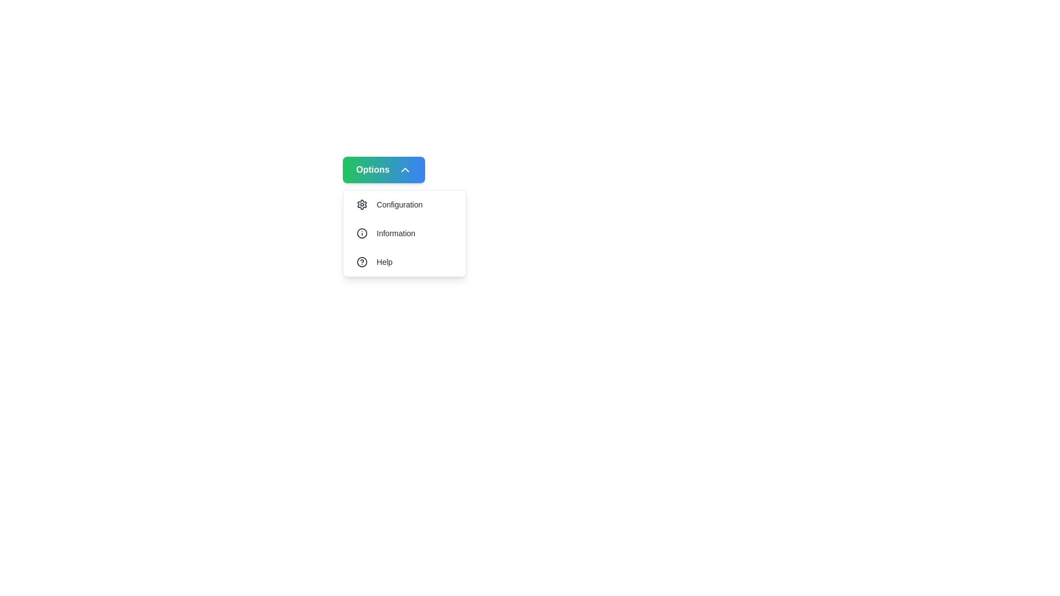 The height and width of the screenshot is (596, 1060). Describe the element at coordinates (404, 204) in the screenshot. I see `the 'Configuration' button, which is the first element in the dropdown list under the 'Options' menu, featuring a gear icon on its left` at that location.